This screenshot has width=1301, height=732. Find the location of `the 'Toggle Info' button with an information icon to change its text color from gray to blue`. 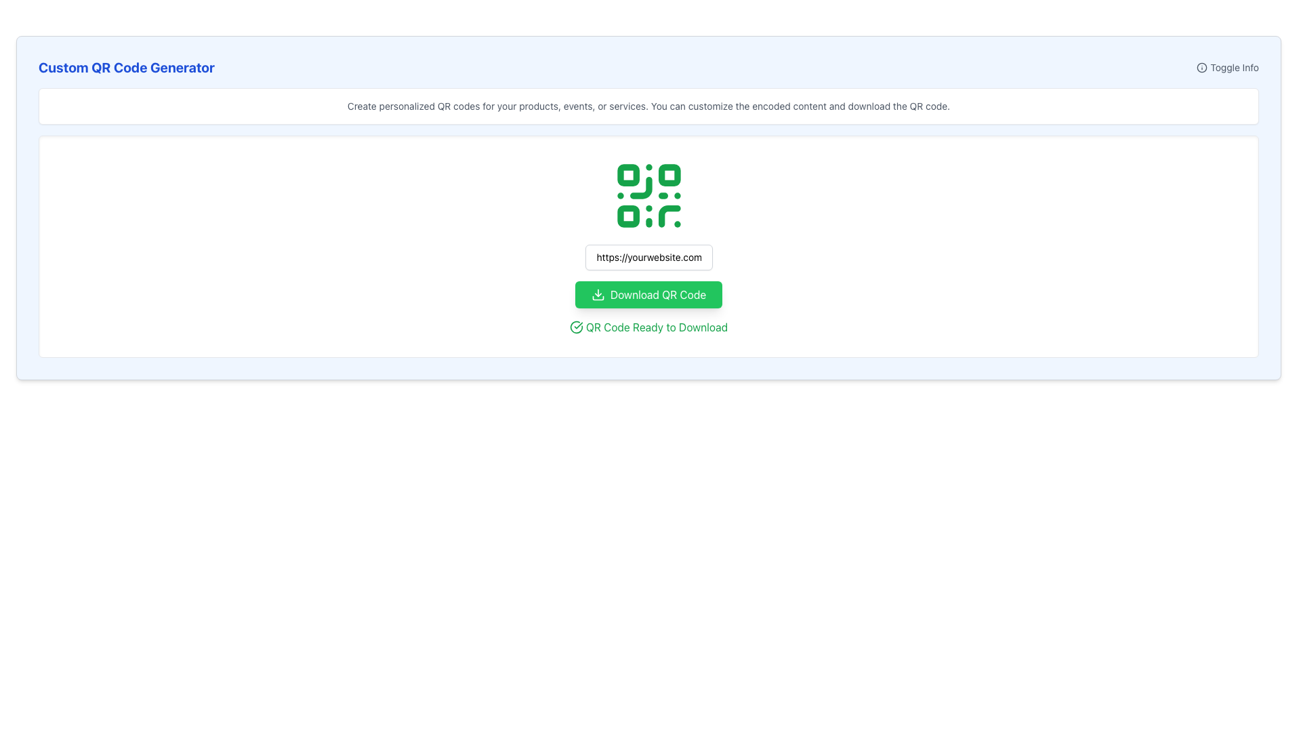

the 'Toggle Info' button with an information icon to change its text color from gray to blue is located at coordinates (1228, 68).